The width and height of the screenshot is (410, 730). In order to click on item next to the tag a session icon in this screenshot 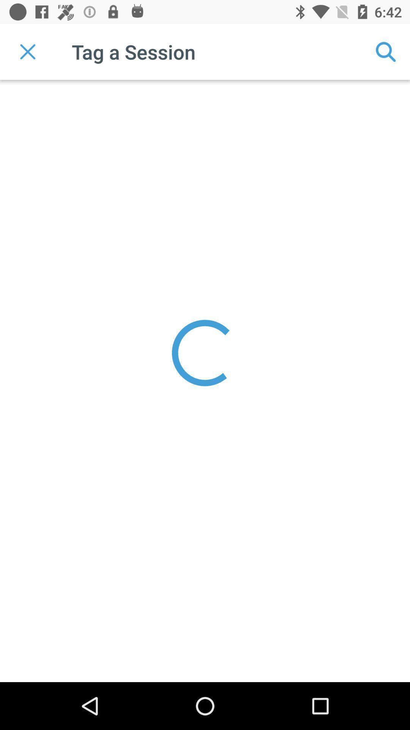, I will do `click(27, 51)`.